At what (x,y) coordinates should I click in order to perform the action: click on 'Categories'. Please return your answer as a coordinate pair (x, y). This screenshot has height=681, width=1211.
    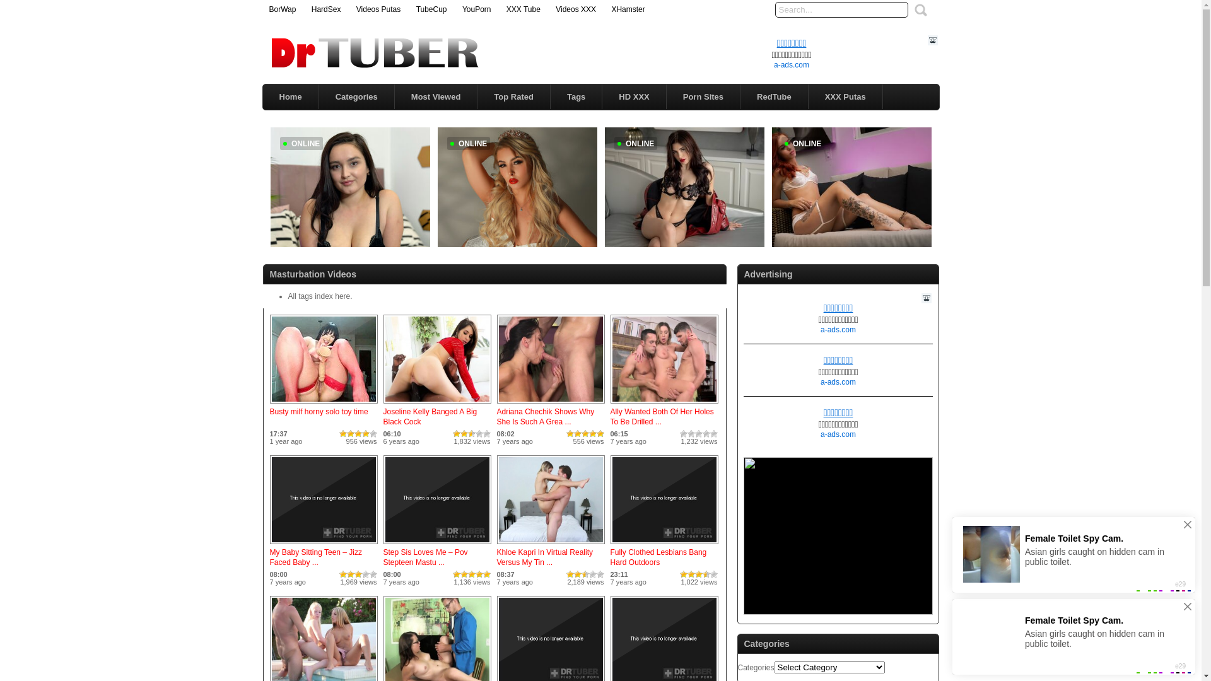
    Looking at the image, I should click on (356, 96).